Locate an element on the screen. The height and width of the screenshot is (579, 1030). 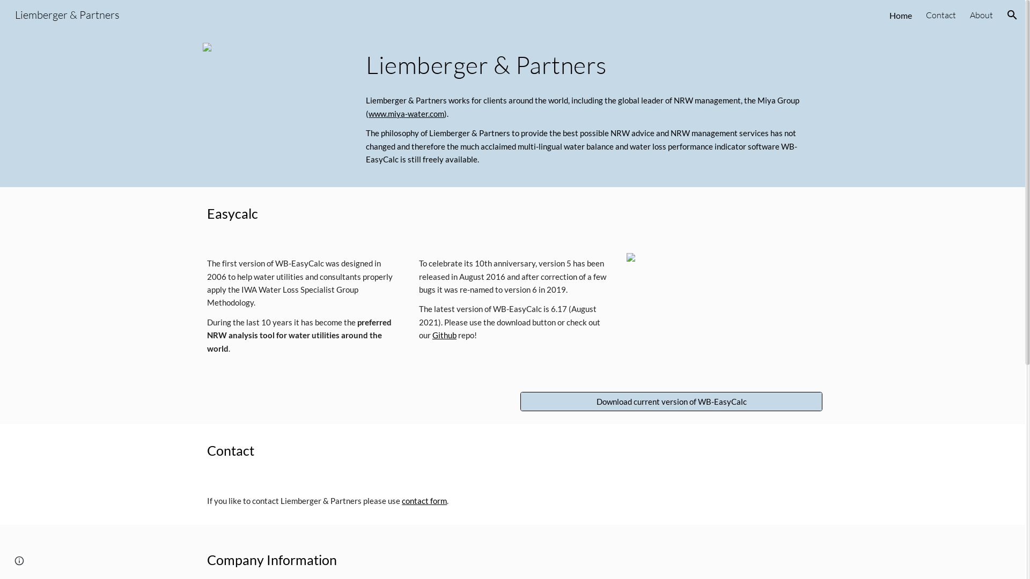
'Contact' is located at coordinates (940, 14).